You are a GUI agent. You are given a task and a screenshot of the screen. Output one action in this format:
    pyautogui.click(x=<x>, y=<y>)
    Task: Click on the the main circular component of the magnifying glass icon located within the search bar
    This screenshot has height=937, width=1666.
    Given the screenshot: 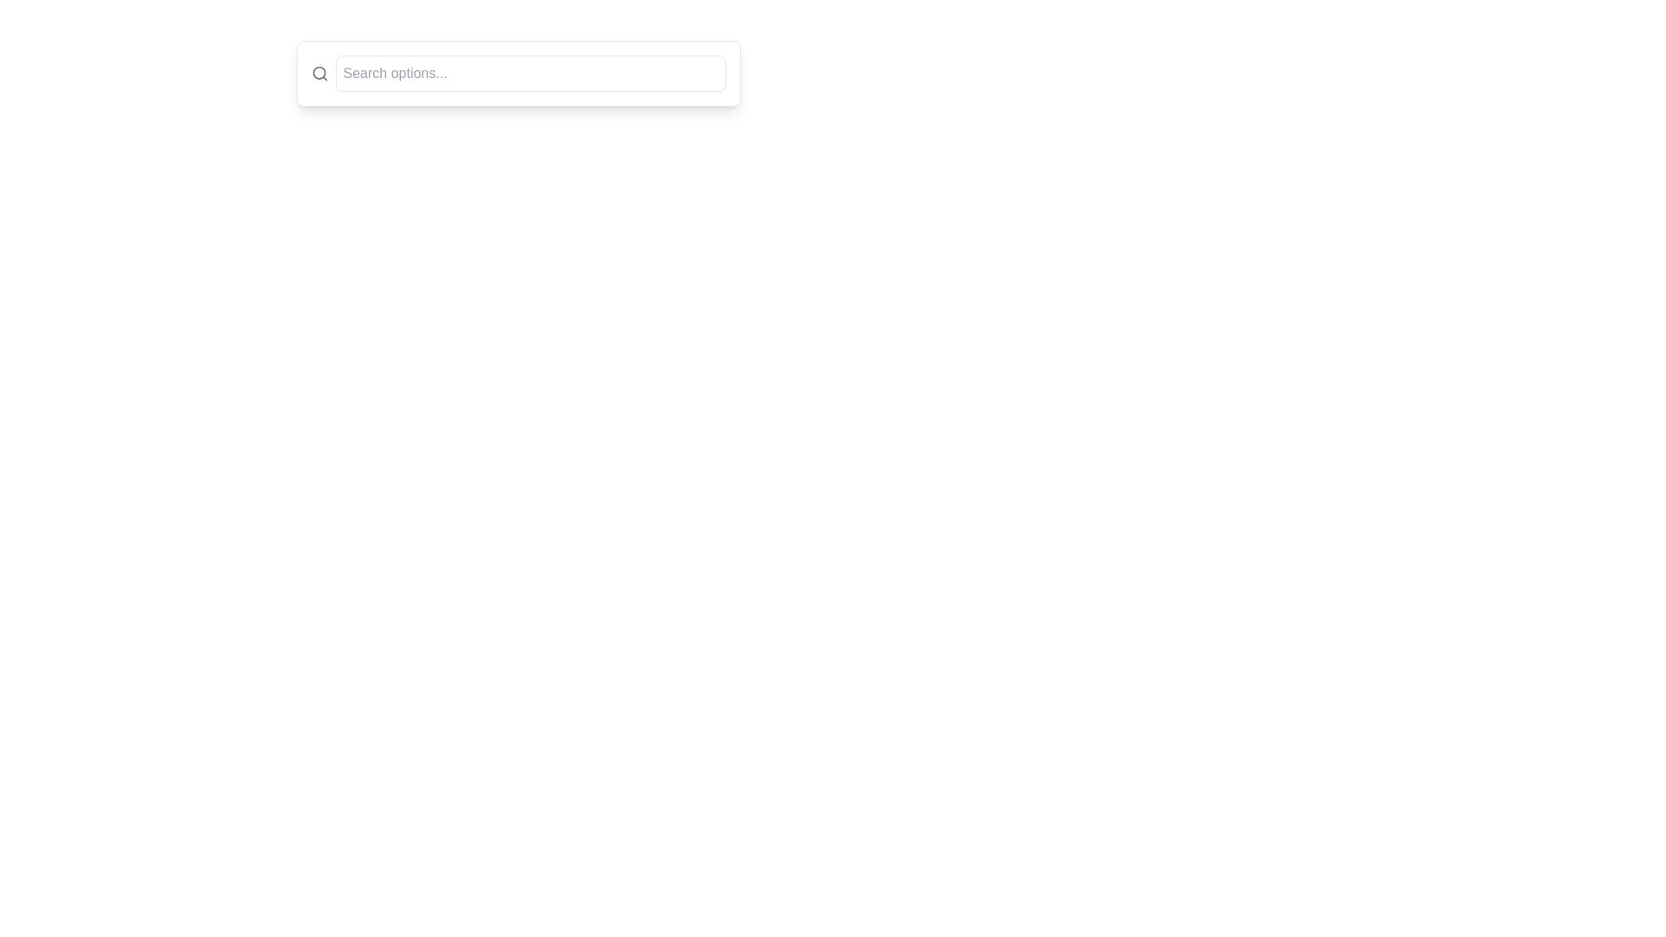 What is the action you would take?
    pyautogui.click(x=318, y=72)
    